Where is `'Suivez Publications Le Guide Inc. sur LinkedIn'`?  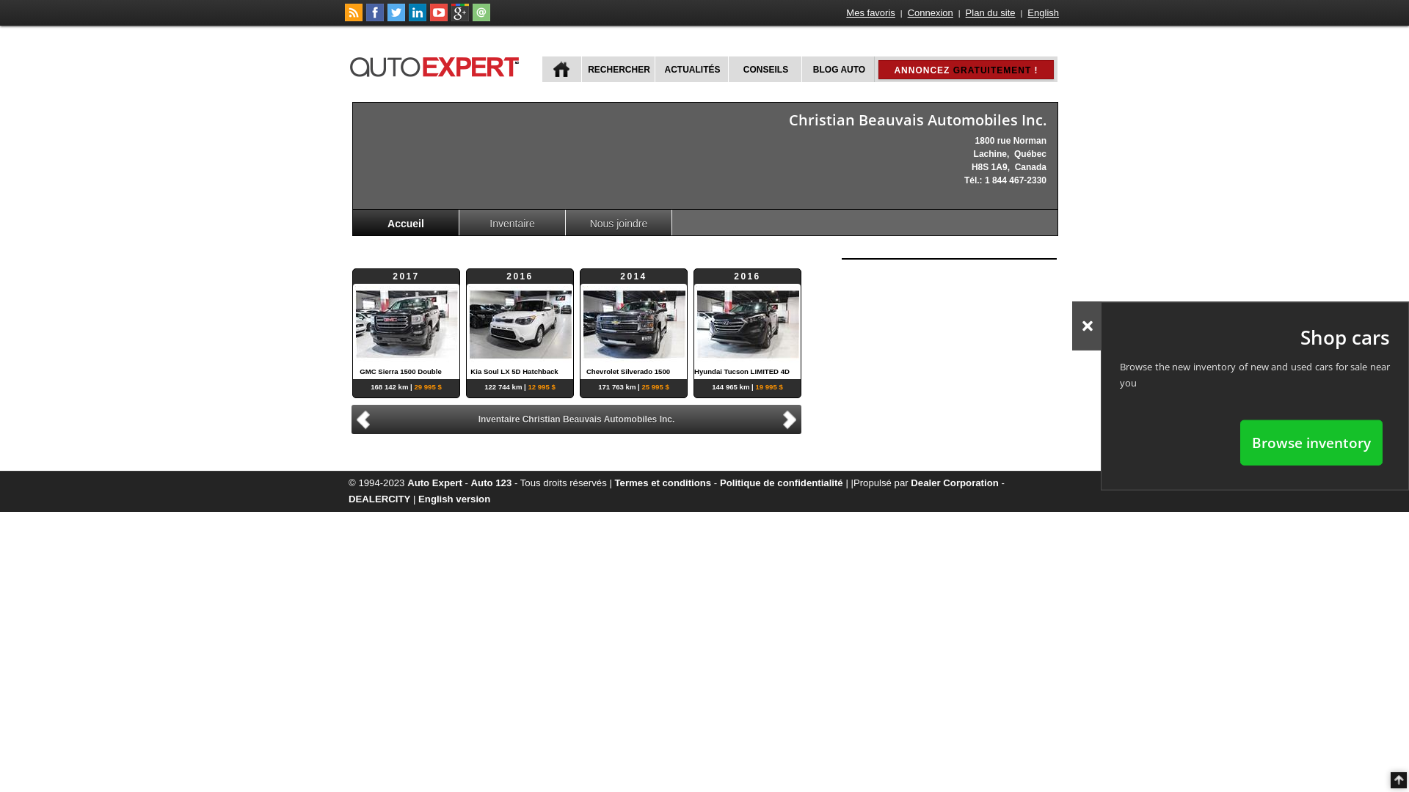
'Suivez Publications Le Guide Inc. sur LinkedIn' is located at coordinates (417, 18).